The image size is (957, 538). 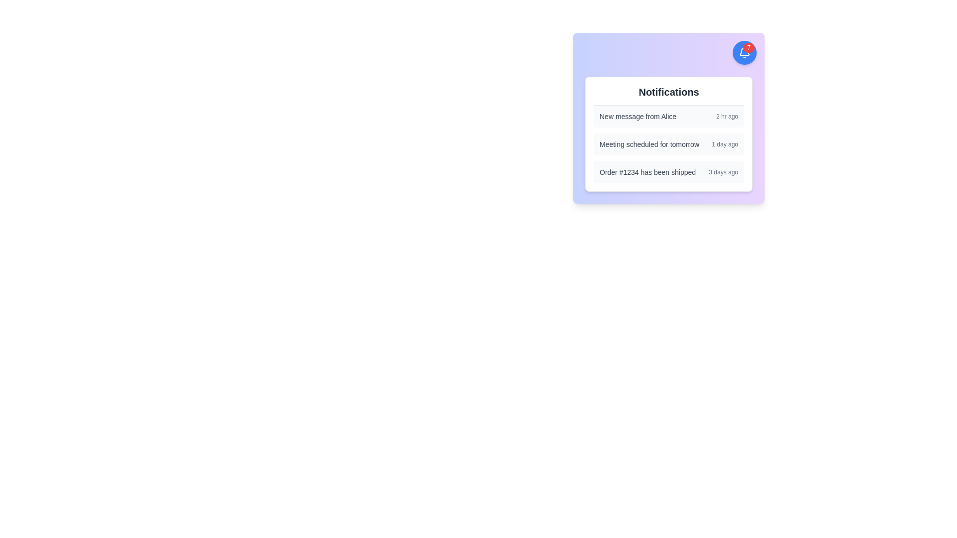 What do you see at coordinates (749, 48) in the screenshot?
I see `the notification count displayed on the badge located at the top-right corner of the blue circular button with a white bell icon` at bounding box center [749, 48].